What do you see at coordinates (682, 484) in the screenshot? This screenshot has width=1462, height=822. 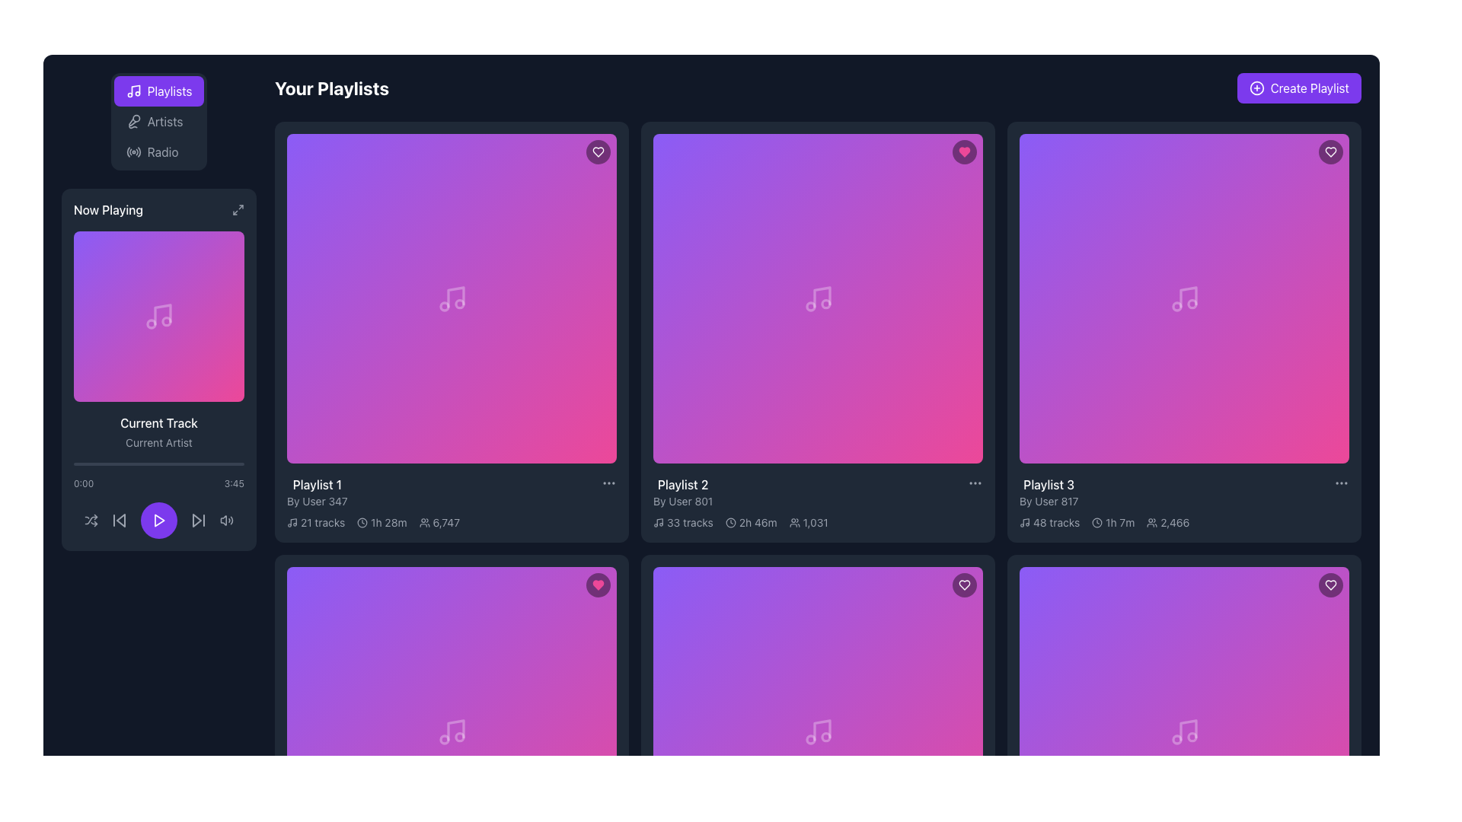 I see `the 'Playlist 2' text element, which is prominently displayed in white on a dark background within the second playlist card in the top row of the playlist grid` at bounding box center [682, 484].